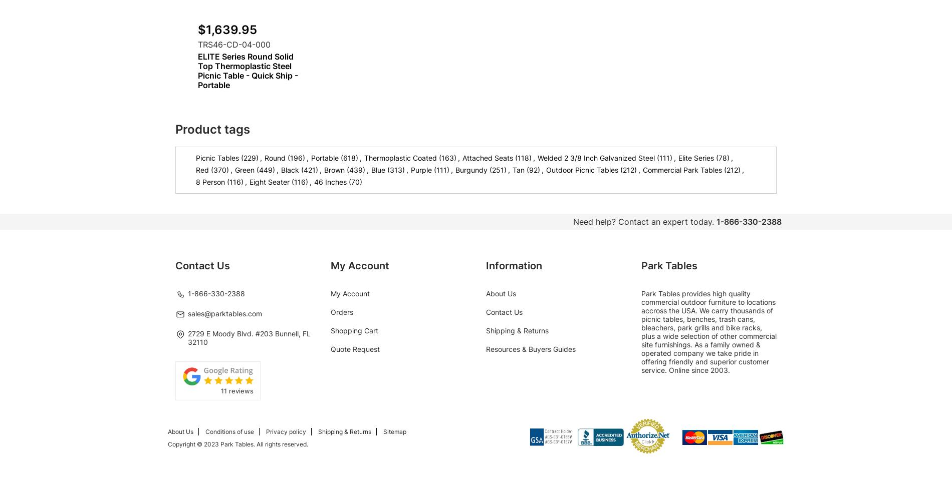  Describe the element at coordinates (334, 169) in the screenshot. I see `'Brown'` at that location.